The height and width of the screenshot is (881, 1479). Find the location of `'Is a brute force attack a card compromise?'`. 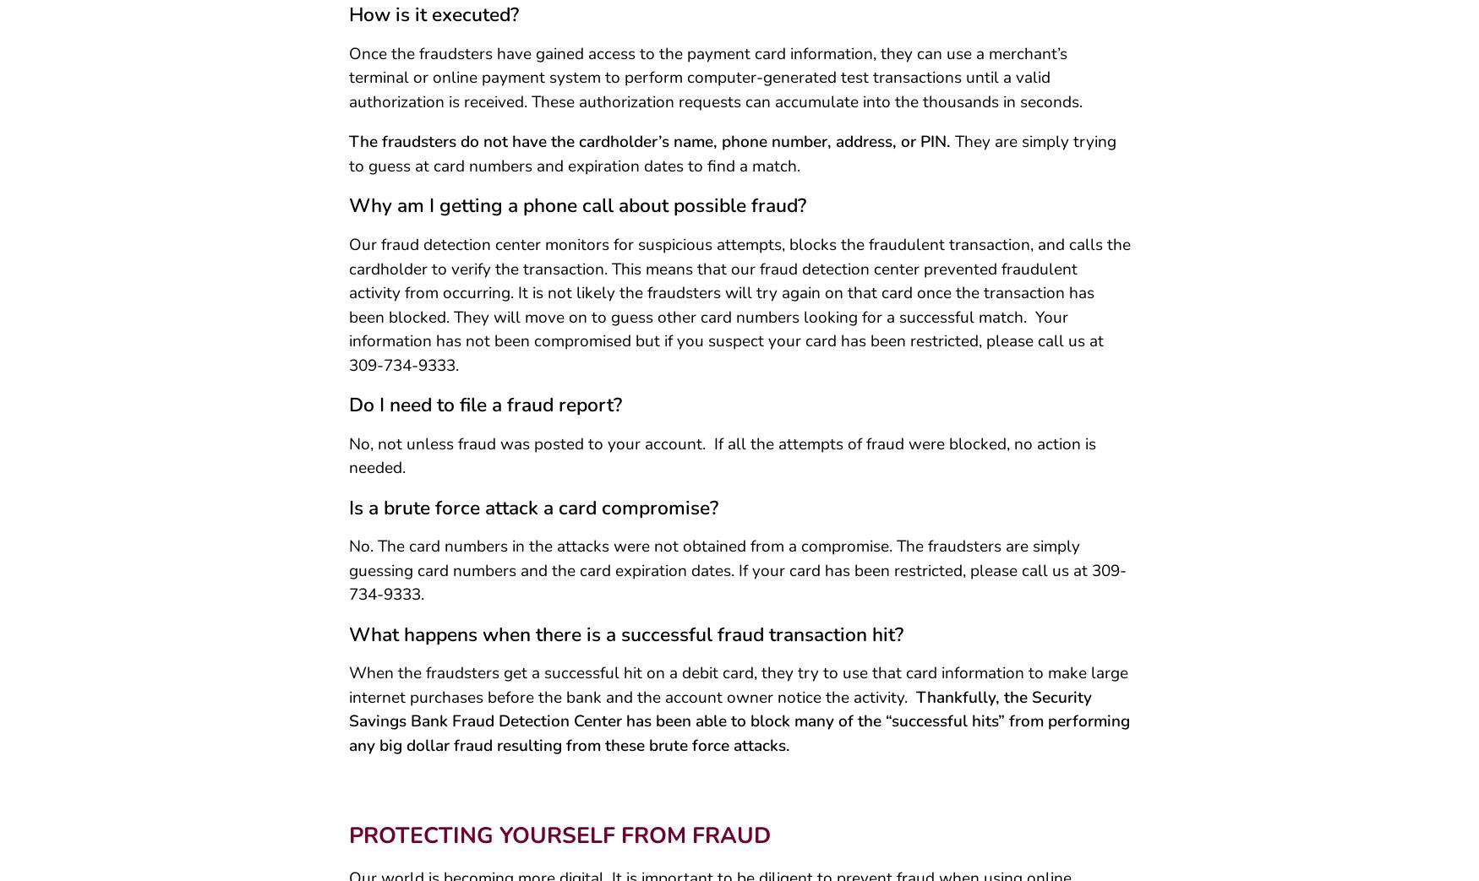

'Is a brute force attack a card compromise?' is located at coordinates (532, 513).